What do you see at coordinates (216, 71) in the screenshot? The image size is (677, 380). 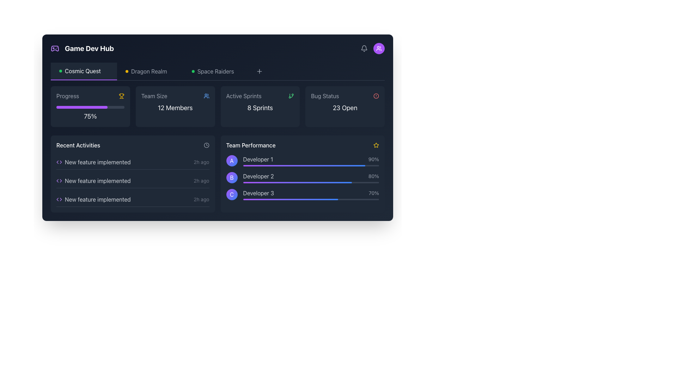 I see `the third navigation item labeled 'Space Raiders' in the header section` at bounding box center [216, 71].